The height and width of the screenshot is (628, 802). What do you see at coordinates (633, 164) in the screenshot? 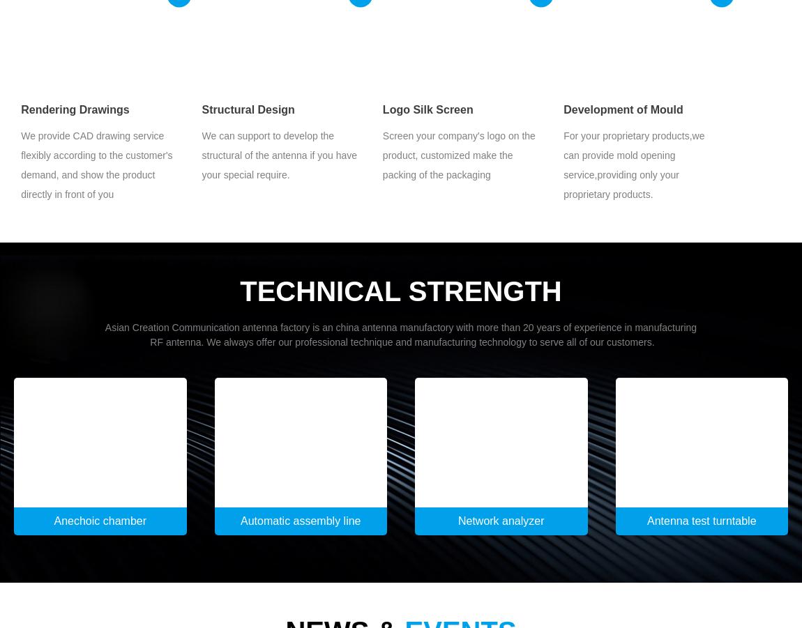
I see `'For your proprietary products,we can provide mold opening service,providing only your proprietary products.'` at bounding box center [633, 164].